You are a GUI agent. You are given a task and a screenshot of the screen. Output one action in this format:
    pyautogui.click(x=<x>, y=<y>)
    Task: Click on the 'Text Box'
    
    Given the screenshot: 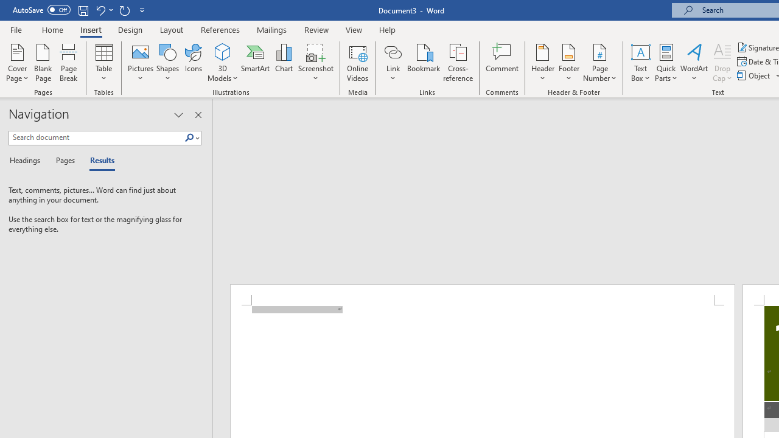 What is the action you would take?
    pyautogui.click(x=640, y=63)
    